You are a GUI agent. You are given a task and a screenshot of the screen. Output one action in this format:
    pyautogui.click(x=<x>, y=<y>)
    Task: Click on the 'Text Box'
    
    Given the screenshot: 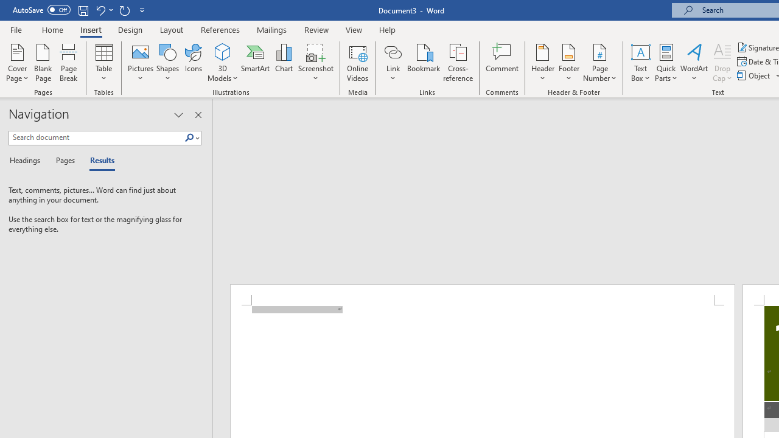 What is the action you would take?
    pyautogui.click(x=640, y=63)
    